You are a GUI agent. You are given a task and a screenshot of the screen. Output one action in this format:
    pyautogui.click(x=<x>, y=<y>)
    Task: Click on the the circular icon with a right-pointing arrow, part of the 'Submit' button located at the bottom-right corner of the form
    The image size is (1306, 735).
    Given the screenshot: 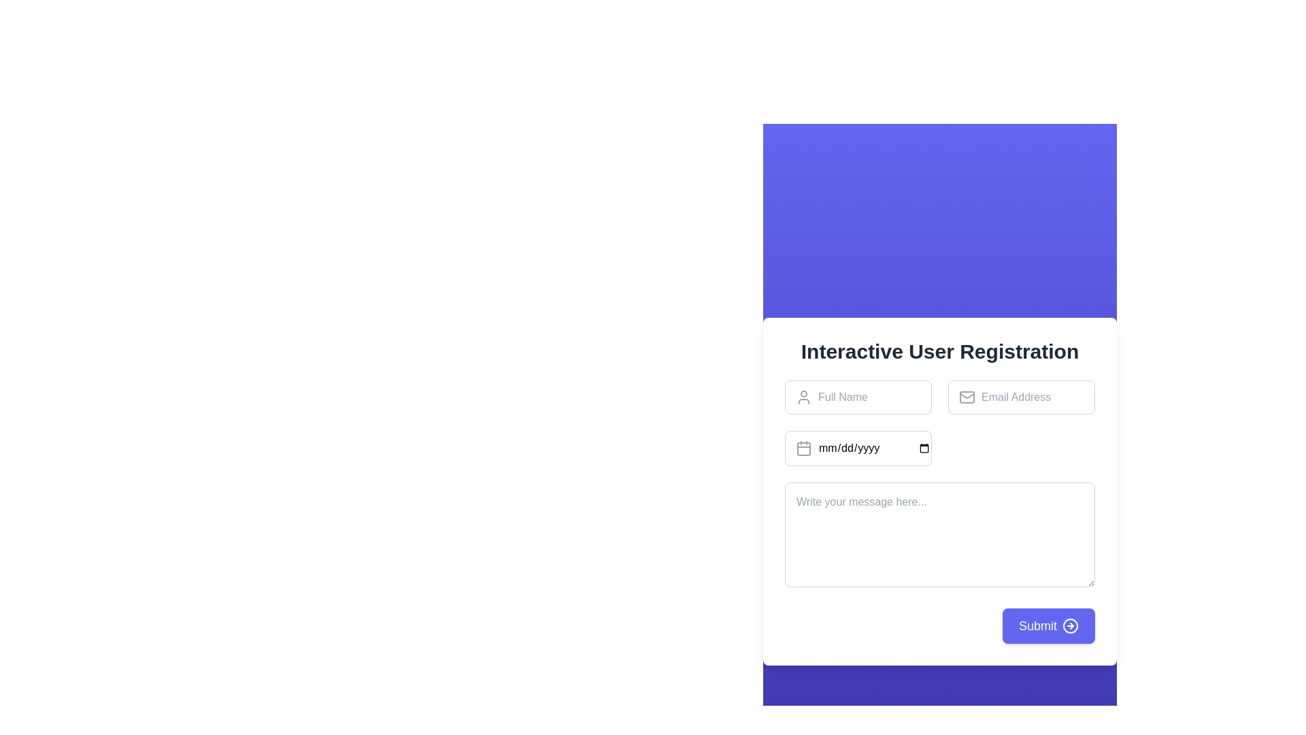 What is the action you would take?
    pyautogui.click(x=1070, y=625)
    